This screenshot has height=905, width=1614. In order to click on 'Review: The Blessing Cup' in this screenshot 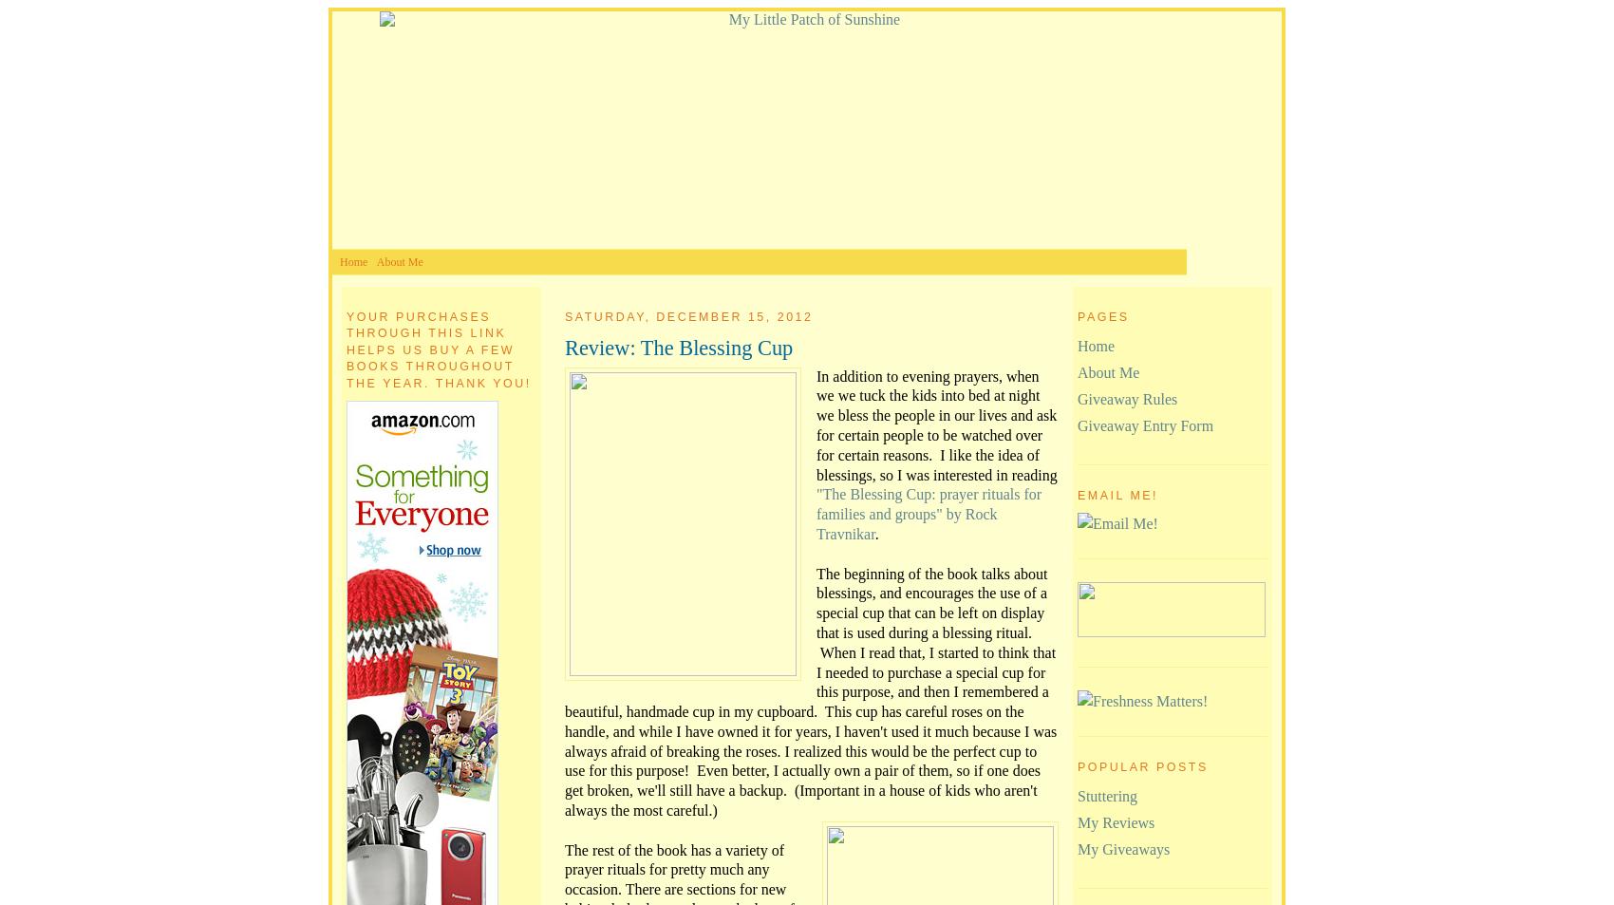, I will do `click(679, 347)`.